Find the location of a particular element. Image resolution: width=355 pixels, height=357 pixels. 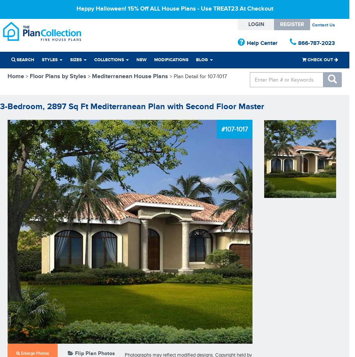

'Check Out' is located at coordinates (306, 59).